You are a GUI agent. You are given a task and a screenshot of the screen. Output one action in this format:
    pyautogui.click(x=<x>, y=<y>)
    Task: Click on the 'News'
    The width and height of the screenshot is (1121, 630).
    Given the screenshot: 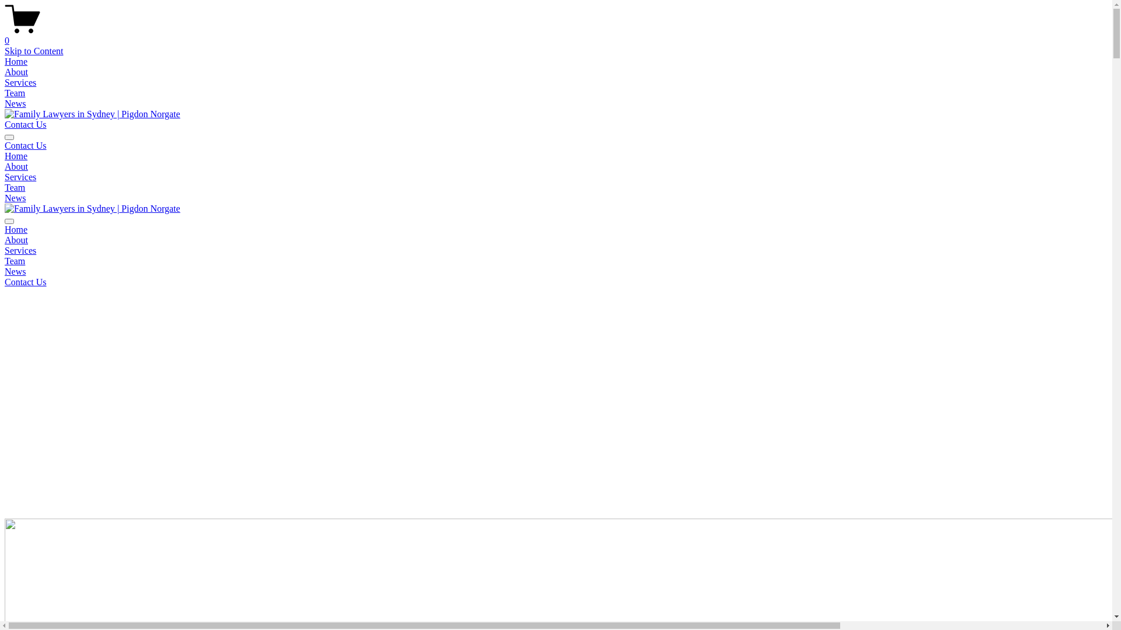 What is the action you would take?
    pyautogui.click(x=15, y=271)
    